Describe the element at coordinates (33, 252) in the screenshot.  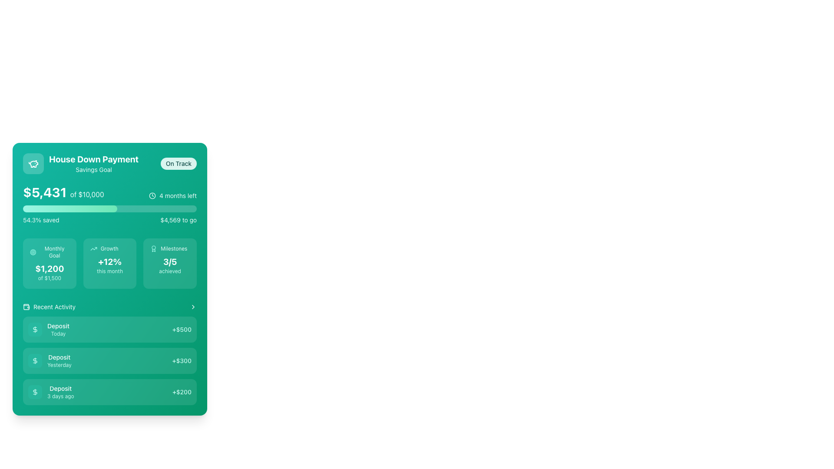
I see `the outermost circle of the graphical target icon located in the upper left corner of the saving goal information card` at that location.